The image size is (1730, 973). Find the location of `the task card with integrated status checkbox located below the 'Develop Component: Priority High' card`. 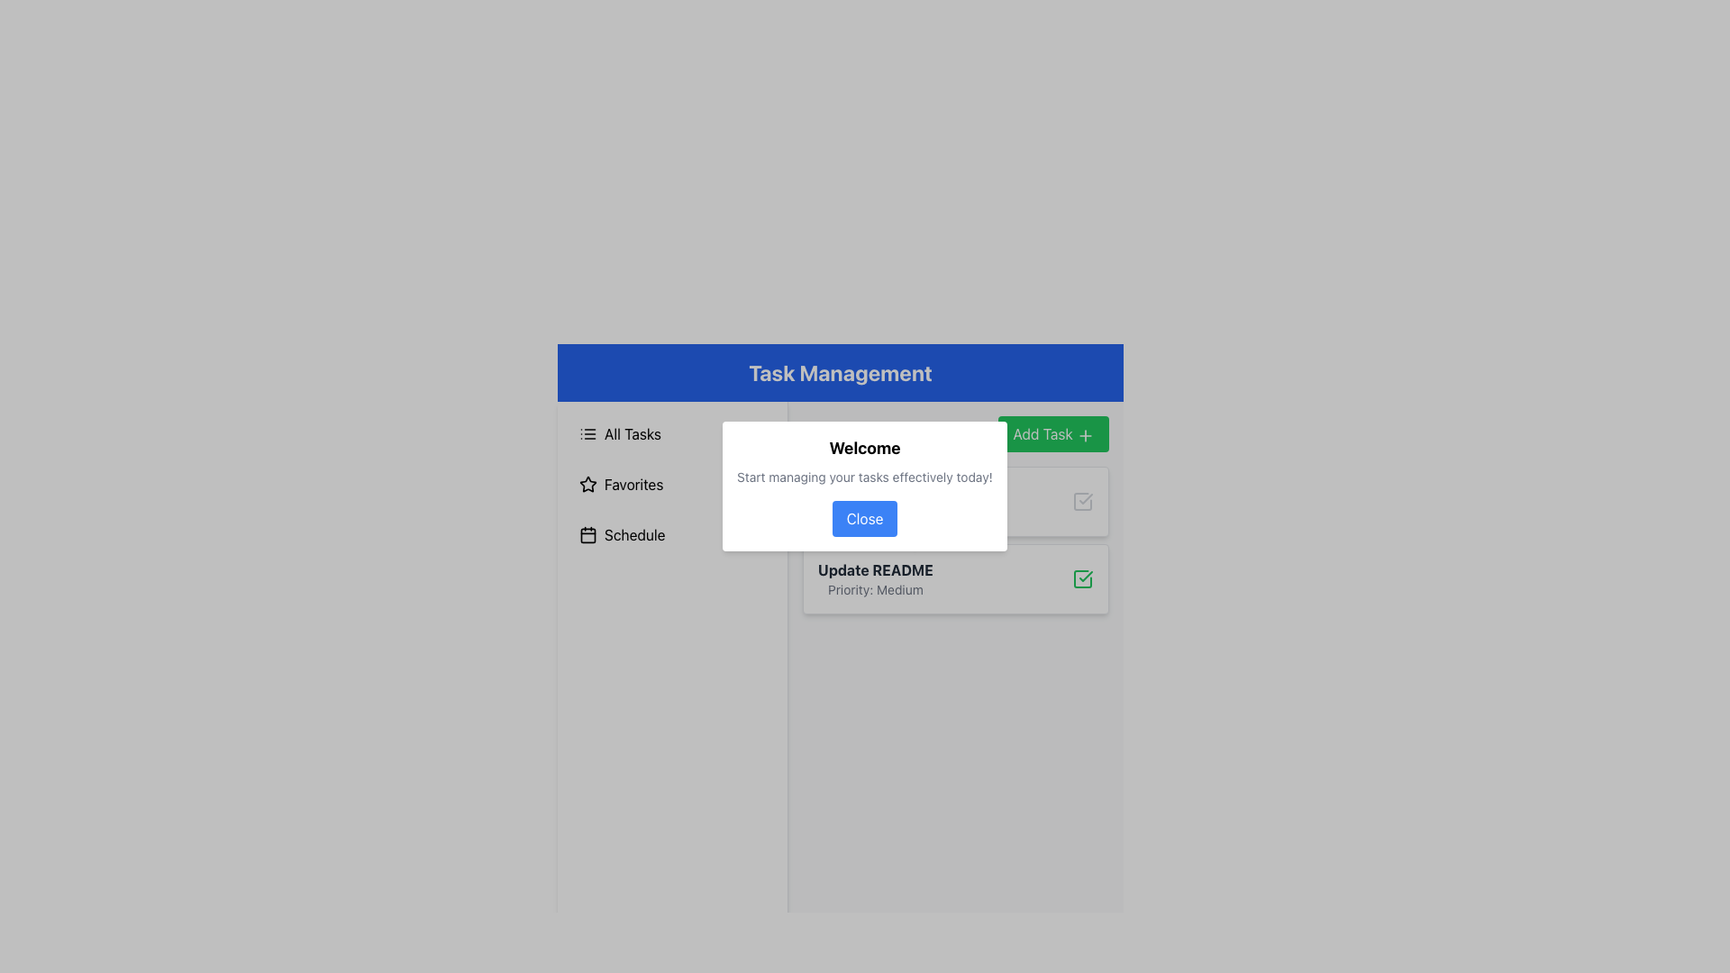

the task card with integrated status checkbox located below the 'Develop Component: Priority High' card is located at coordinates (954, 579).